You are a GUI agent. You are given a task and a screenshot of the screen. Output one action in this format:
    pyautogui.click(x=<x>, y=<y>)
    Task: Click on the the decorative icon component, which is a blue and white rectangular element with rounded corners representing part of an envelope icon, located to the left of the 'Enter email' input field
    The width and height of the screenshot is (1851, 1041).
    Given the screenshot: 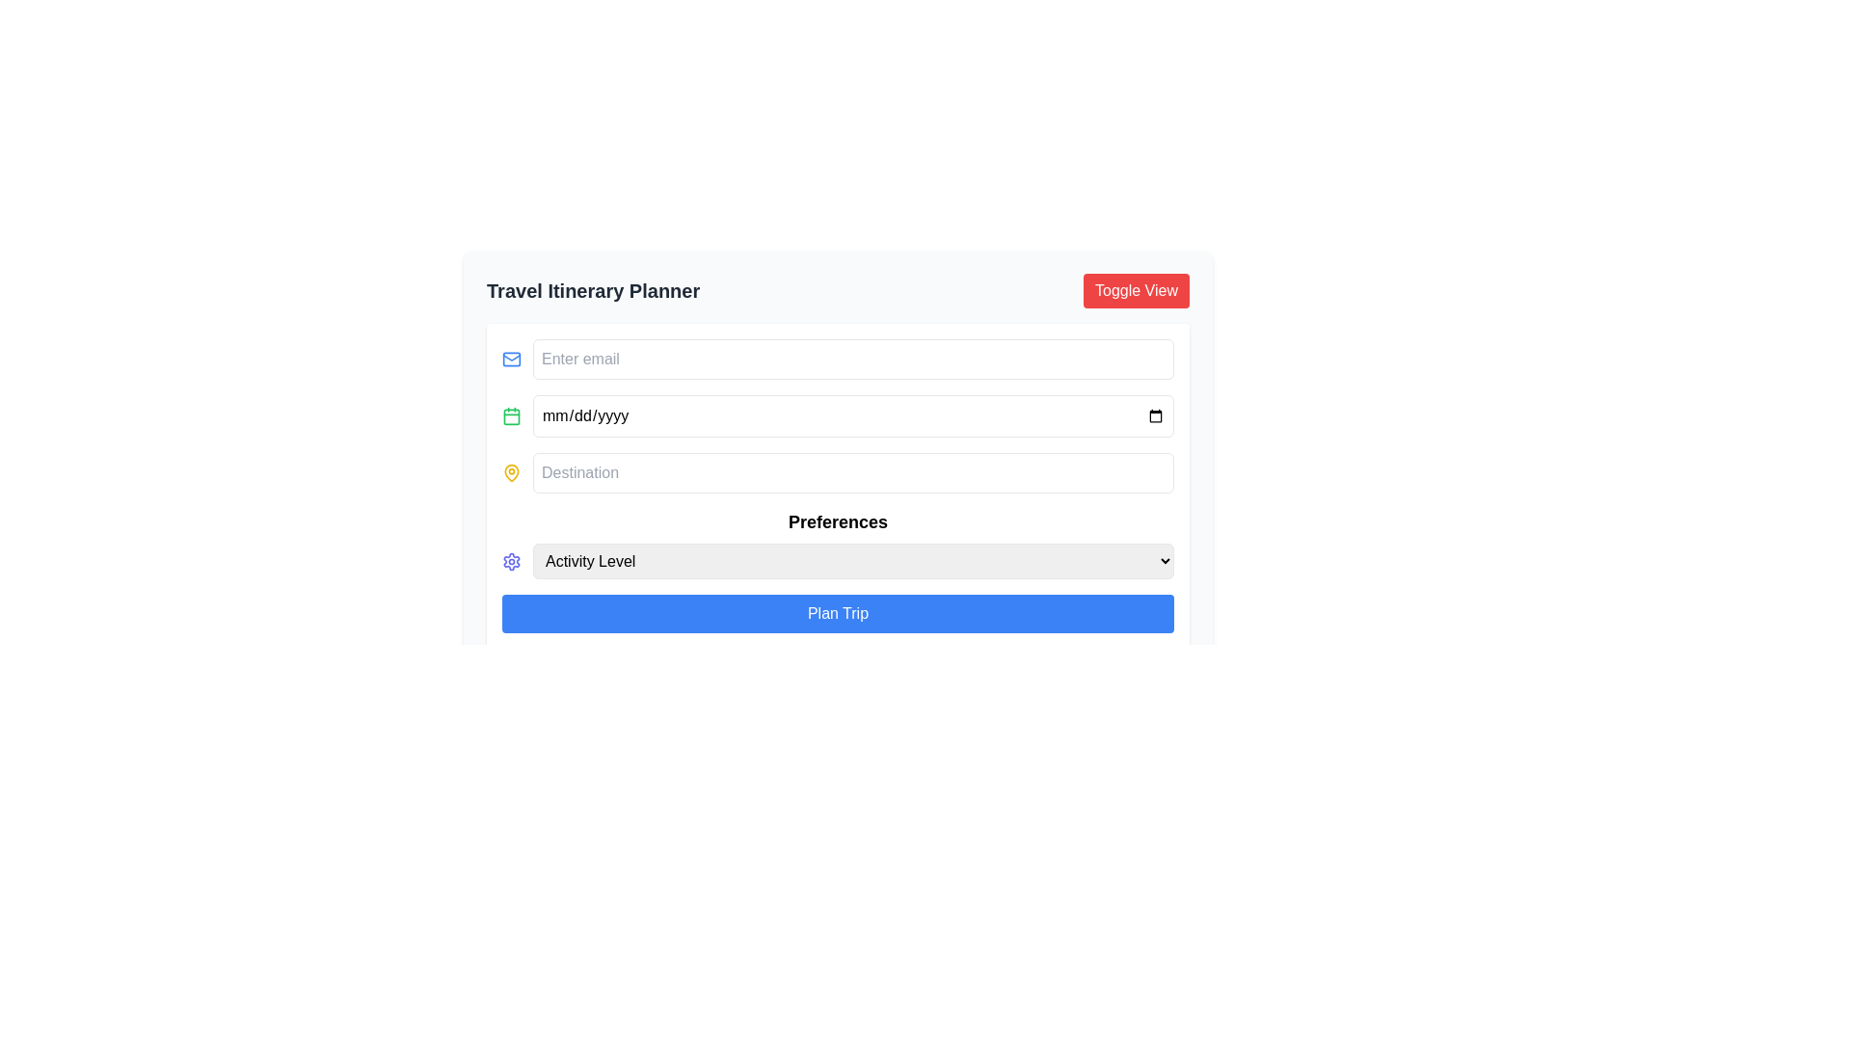 What is the action you would take?
    pyautogui.click(x=512, y=360)
    